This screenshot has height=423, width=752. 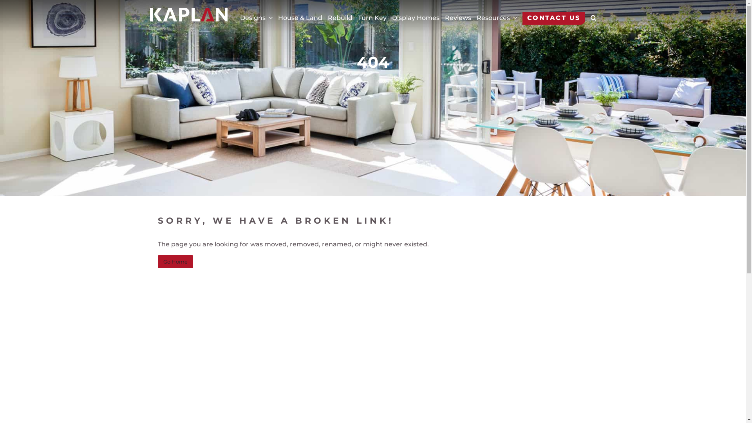 I want to click on 'Rebuild', so click(x=340, y=18).